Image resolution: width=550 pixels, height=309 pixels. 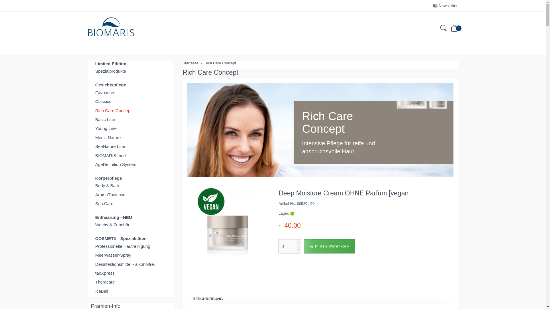 I want to click on 'Favourites', so click(x=131, y=92).